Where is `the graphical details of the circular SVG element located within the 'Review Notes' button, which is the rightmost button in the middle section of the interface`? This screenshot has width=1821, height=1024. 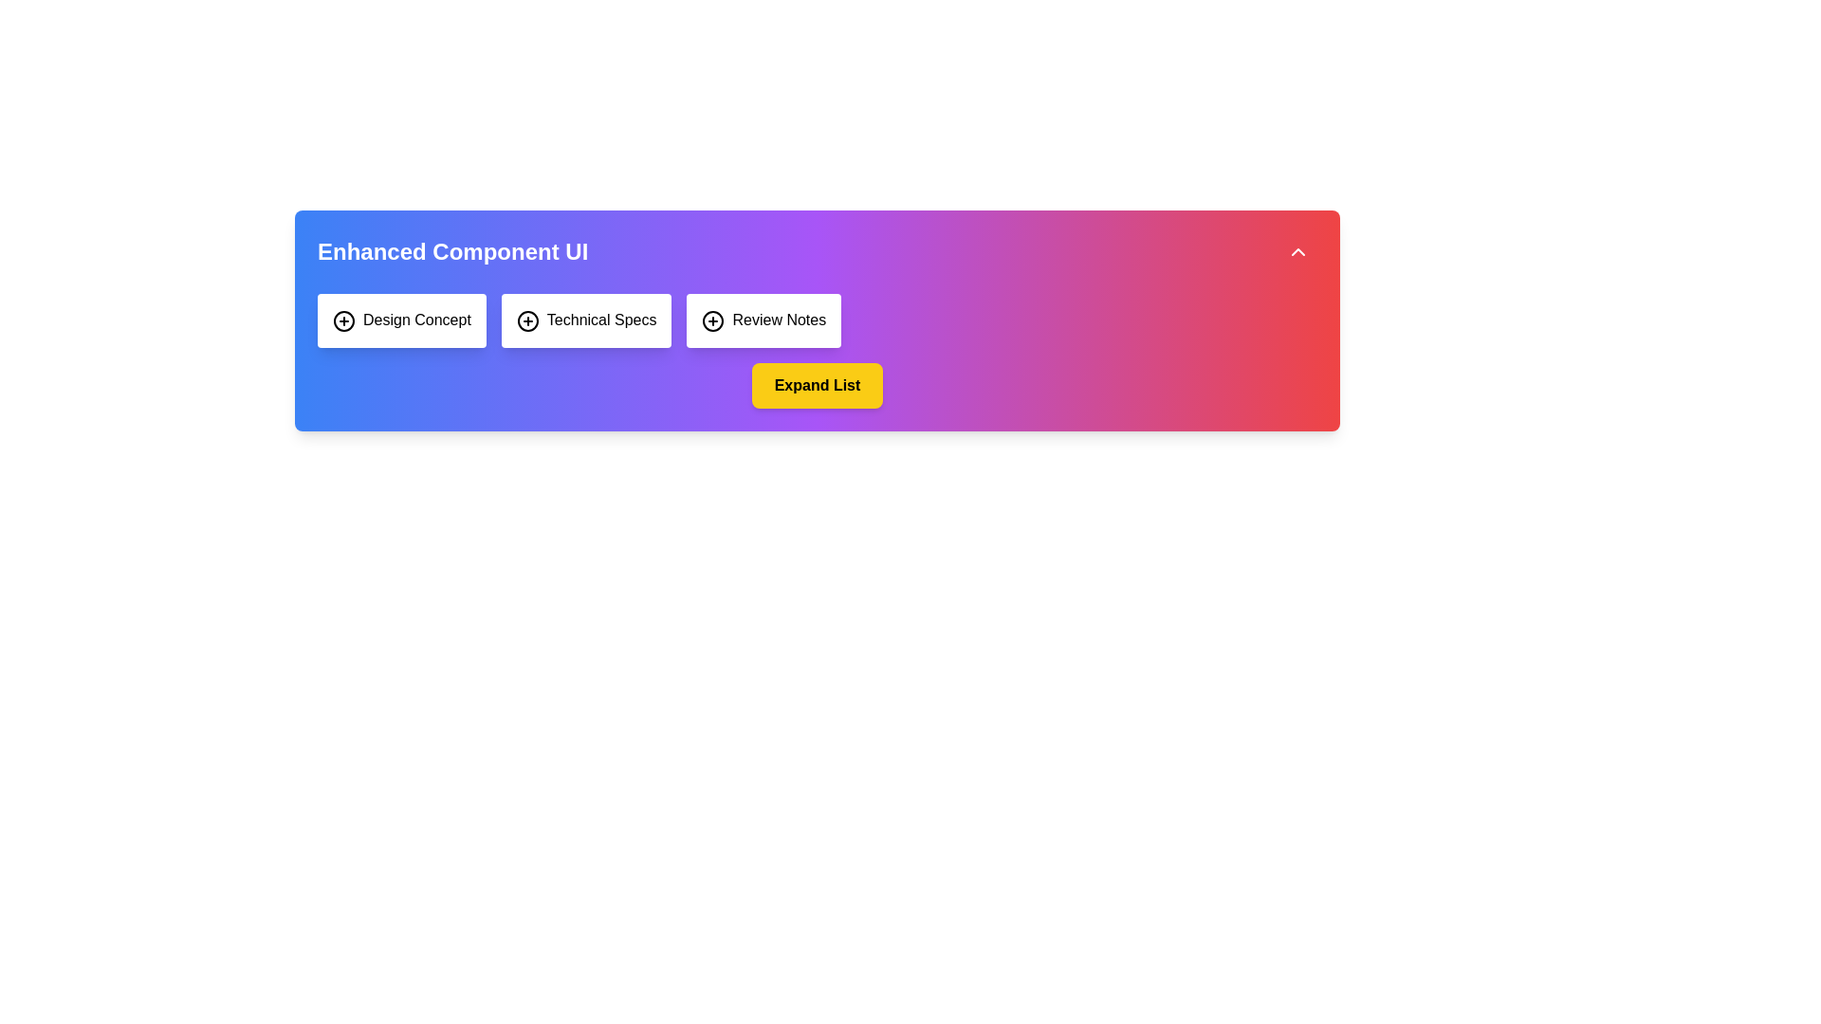 the graphical details of the circular SVG element located within the 'Review Notes' button, which is the rightmost button in the middle section of the interface is located at coordinates (712, 320).